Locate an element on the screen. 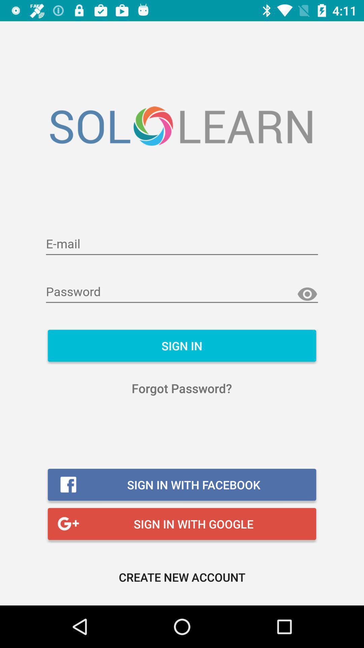 The image size is (364, 648). forgot password? is located at coordinates (181, 388).